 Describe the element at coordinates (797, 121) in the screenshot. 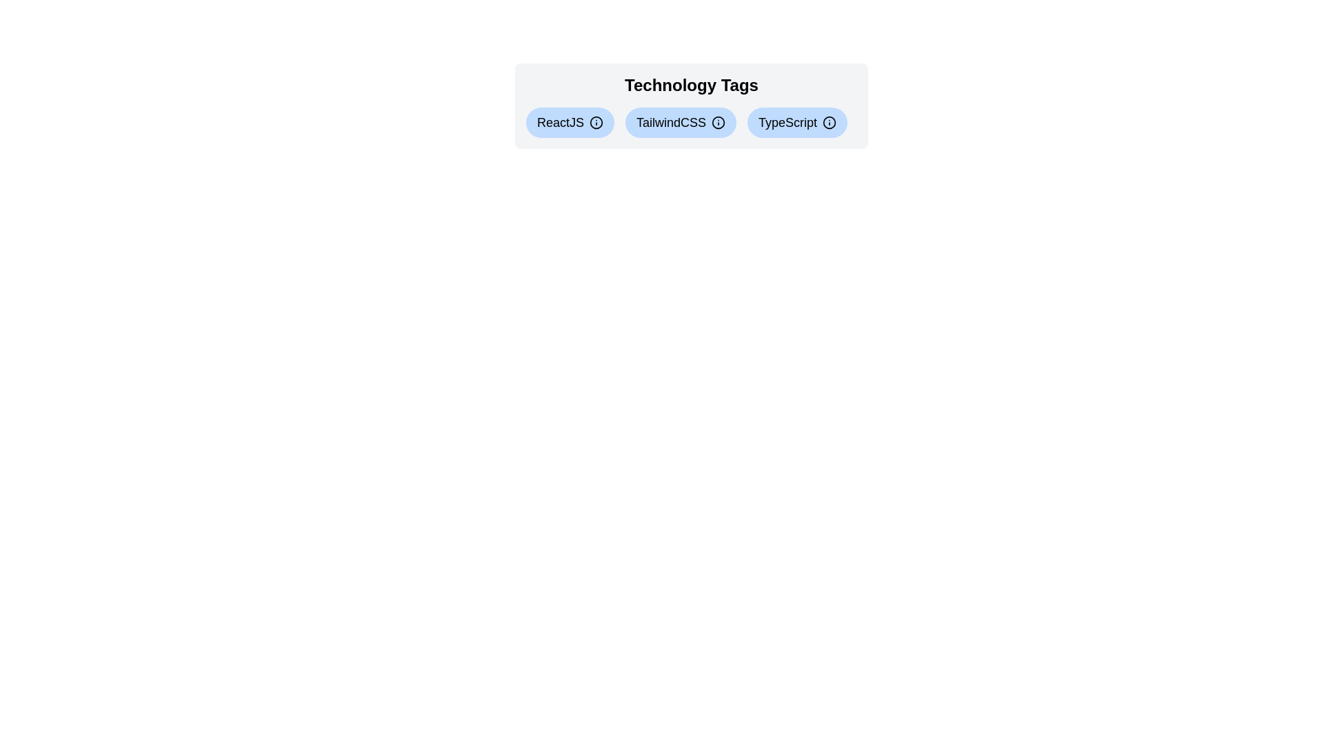

I see `the tag labeled TypeScript to display its information` at that location.